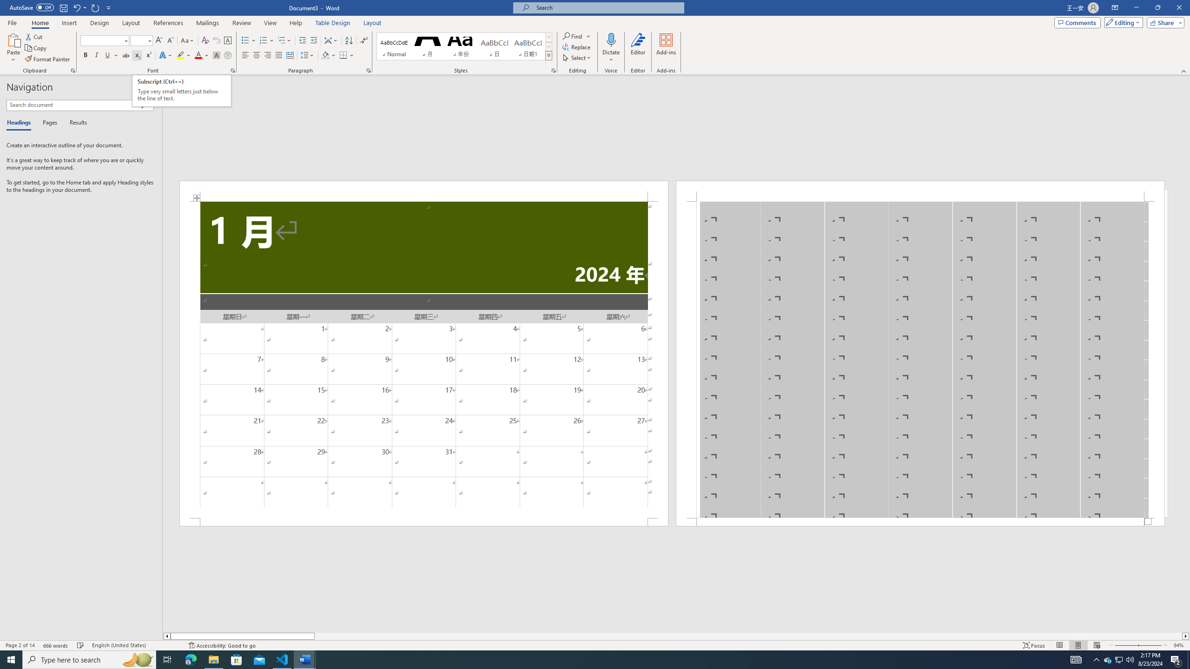 The width and height of the screenshot is (1190, 669). I want to click on 'Office Clipboard...', so click(72, 70).